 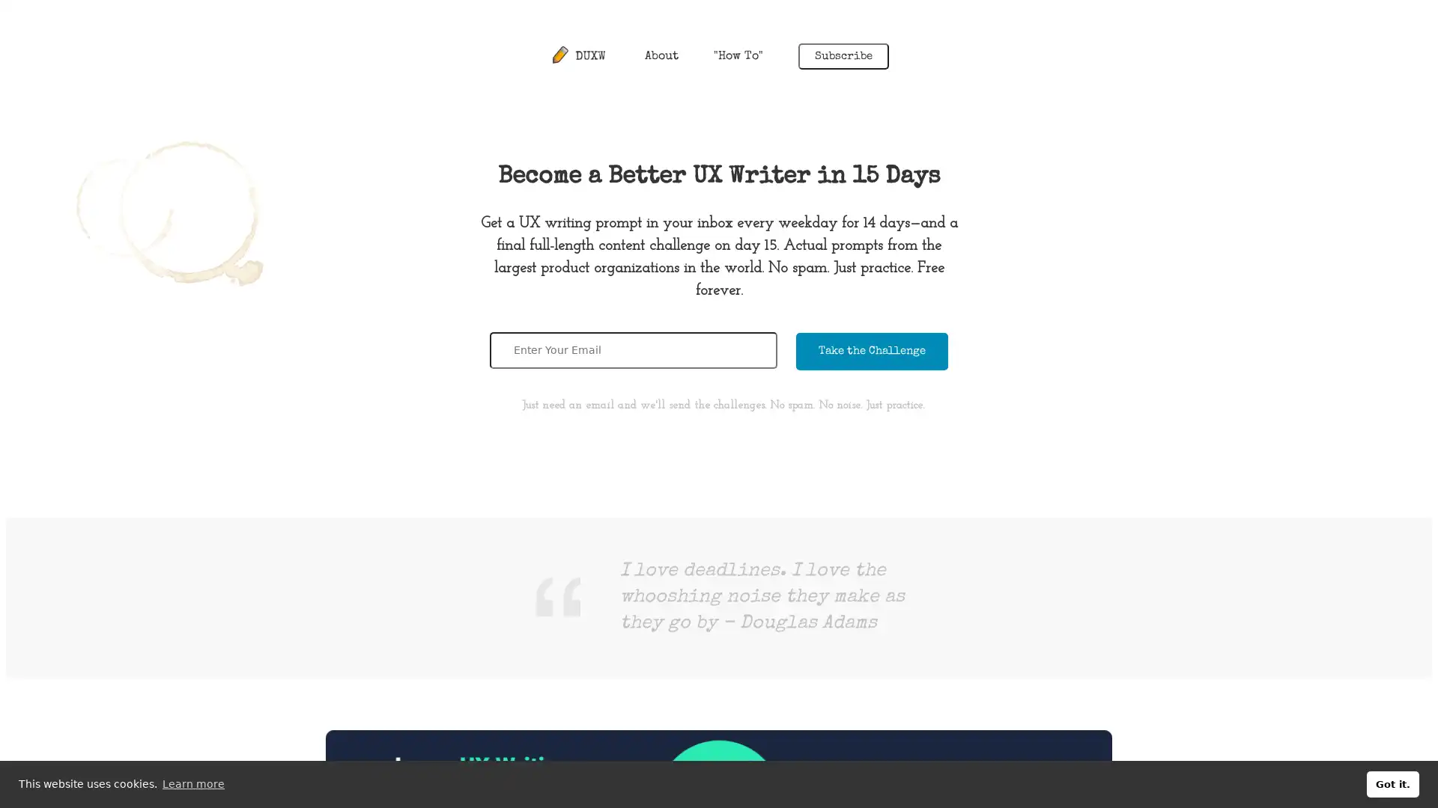 What do you see at coordinates (872, 351) in the screenshot?
I see `Take the Challenge` at bounding box center [872, 351].